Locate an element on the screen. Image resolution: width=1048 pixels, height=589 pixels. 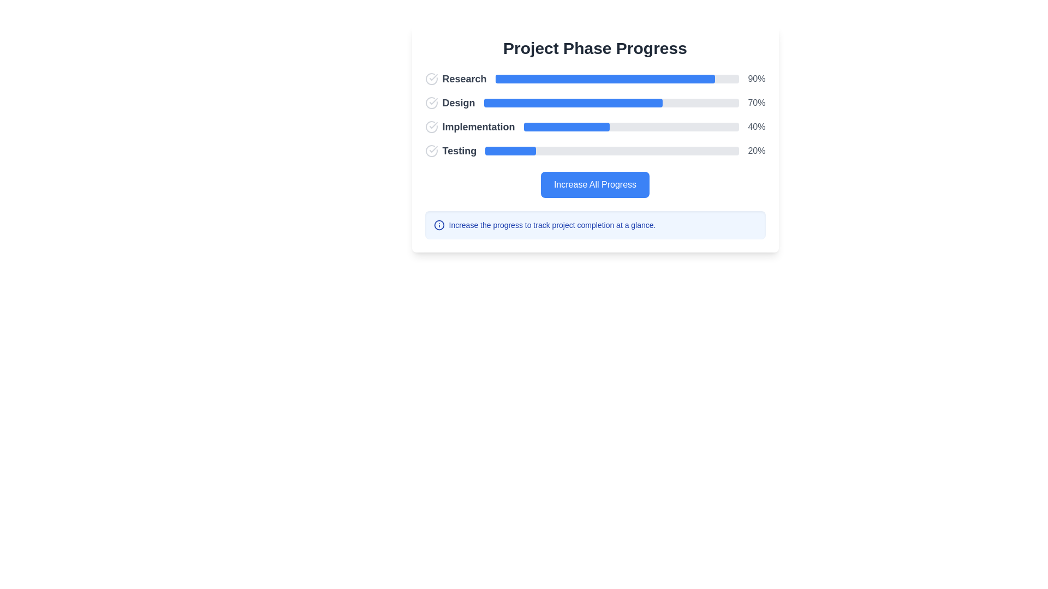
the notification box with a light blue background and an 'i' icon to use adjacent features as instructed is located at coordinates (594, 224).